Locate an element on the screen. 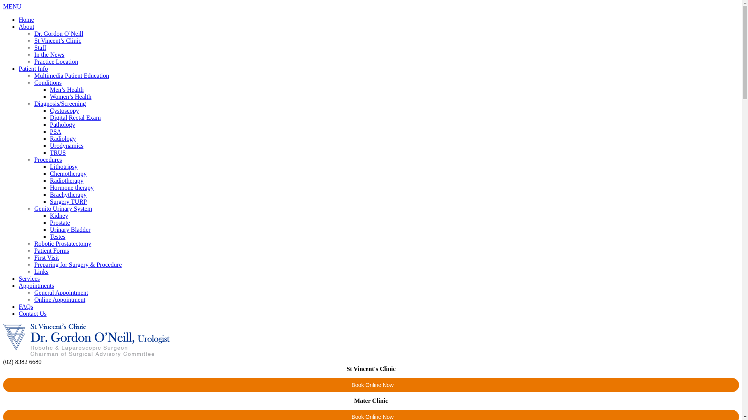  'Staff' is located at coordinates (34, 47).